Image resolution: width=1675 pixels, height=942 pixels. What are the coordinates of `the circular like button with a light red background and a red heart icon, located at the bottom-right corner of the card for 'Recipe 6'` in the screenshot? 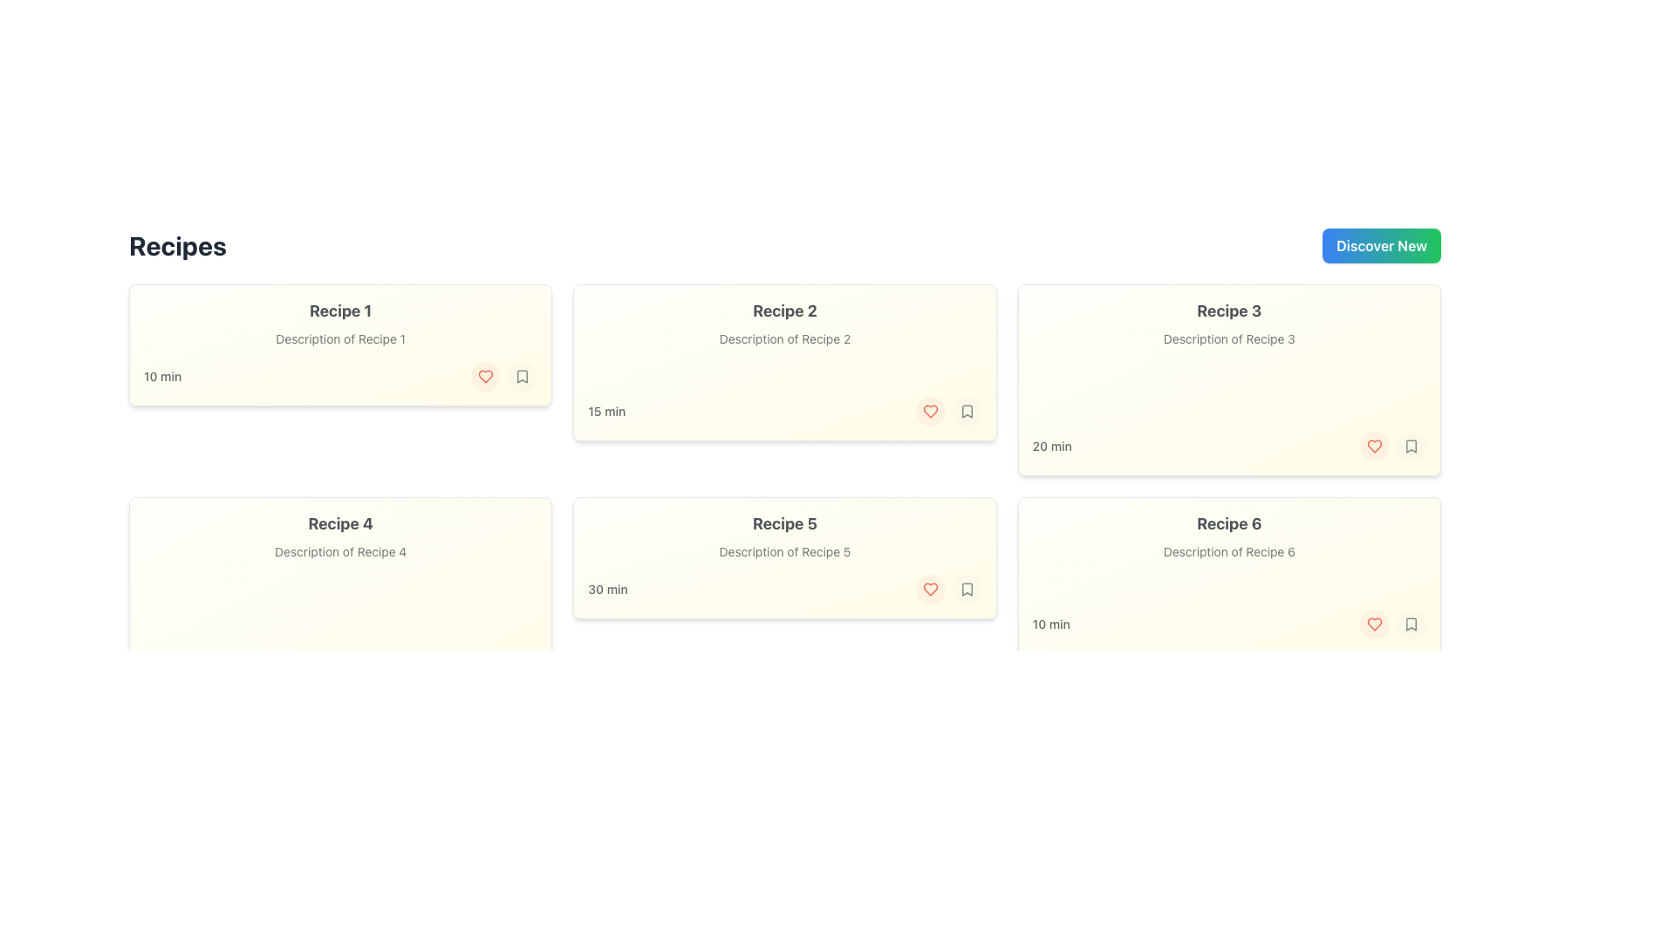 It's located at (1373, 624).